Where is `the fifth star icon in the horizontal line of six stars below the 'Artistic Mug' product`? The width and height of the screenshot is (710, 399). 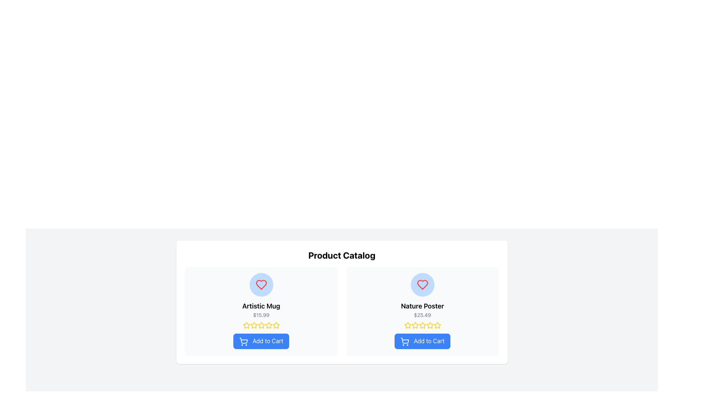 the fifth star icon in the horizontal line of six stars below the 'Artistic Mug' product is located at coordinates (268, 325).